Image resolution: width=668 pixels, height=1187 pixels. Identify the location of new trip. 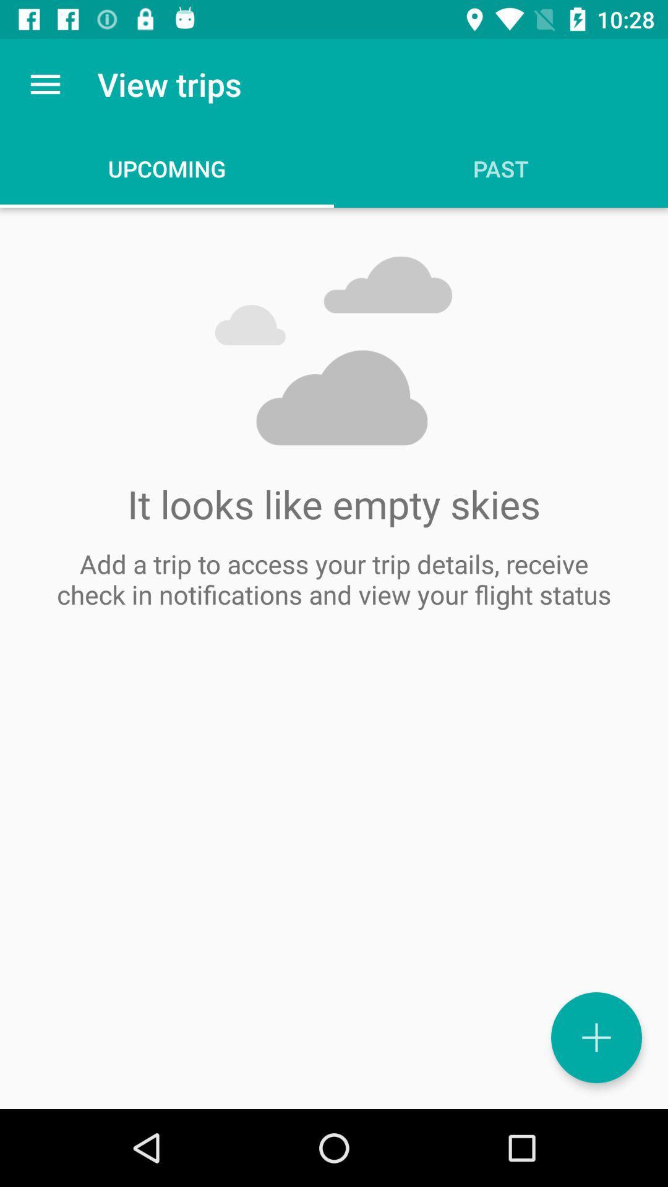
(596, 1037).